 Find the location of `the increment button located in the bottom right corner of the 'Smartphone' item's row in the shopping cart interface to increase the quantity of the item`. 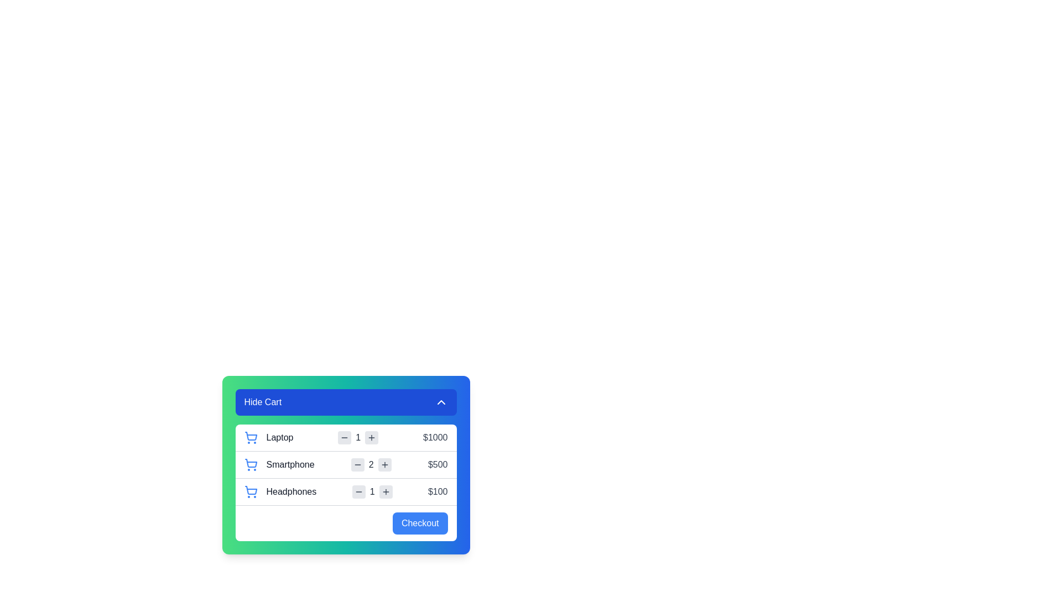

the increment button located in the bottom right corner of the 'Smartphone' item's row in the shopping cart interface to increase the quantity of the item is located at coordinates (384, 464).